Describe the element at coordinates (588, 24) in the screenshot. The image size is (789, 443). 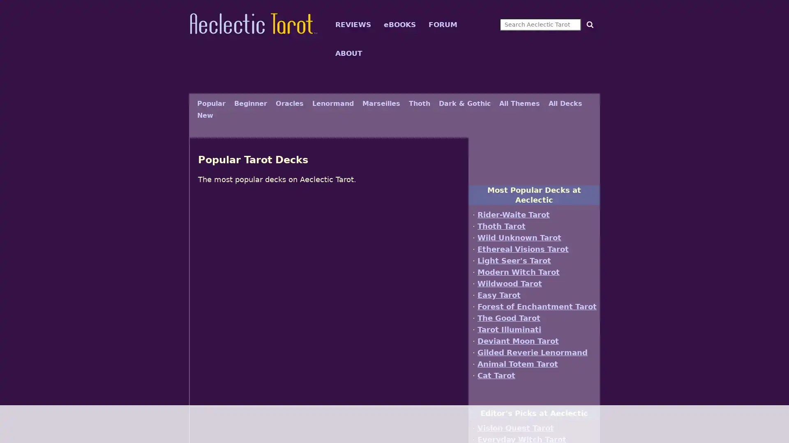
I see `Search Aeclectic` at that location.